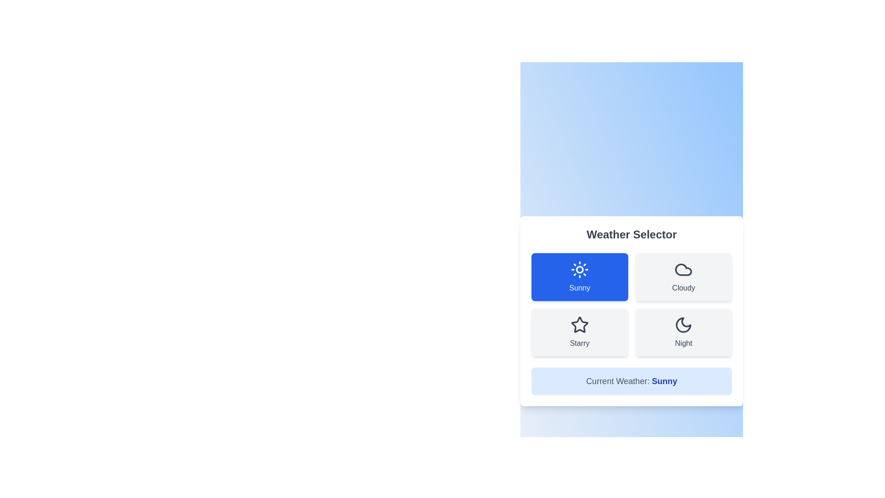 This screenshot has width=885, height=498. Describe the element at coordinates (684, 277) in the screenshot. I see `the button labeled Cloudy to select it` at that location.